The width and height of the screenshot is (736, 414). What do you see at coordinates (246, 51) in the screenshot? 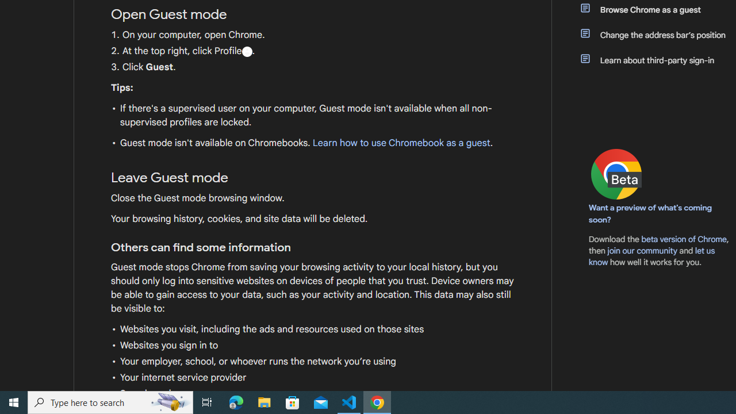
I see `'Profile'` at bounding box center [246, 51].